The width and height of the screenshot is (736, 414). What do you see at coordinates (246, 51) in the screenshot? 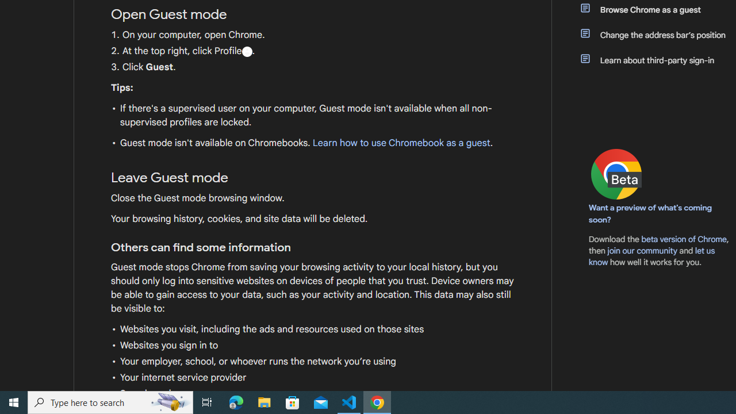
I see `'Profile'` at bounding box center [246, 51].